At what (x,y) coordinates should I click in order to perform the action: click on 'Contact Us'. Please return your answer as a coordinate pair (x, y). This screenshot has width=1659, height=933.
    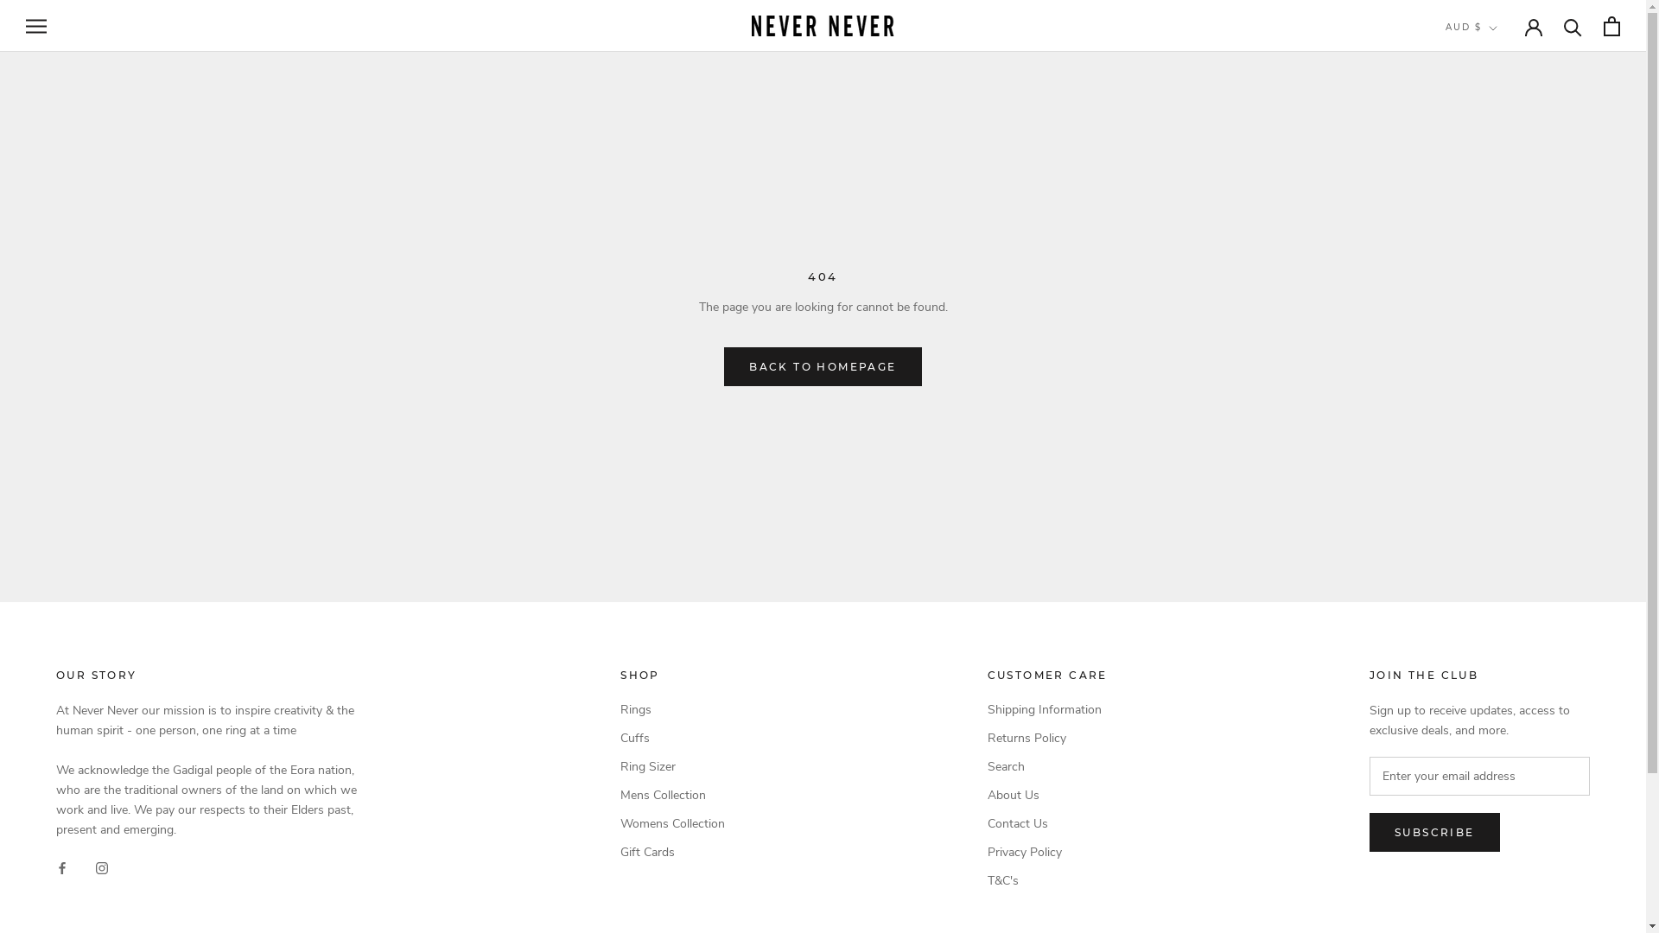
    Looking at the image, I should click on (1046, 822).